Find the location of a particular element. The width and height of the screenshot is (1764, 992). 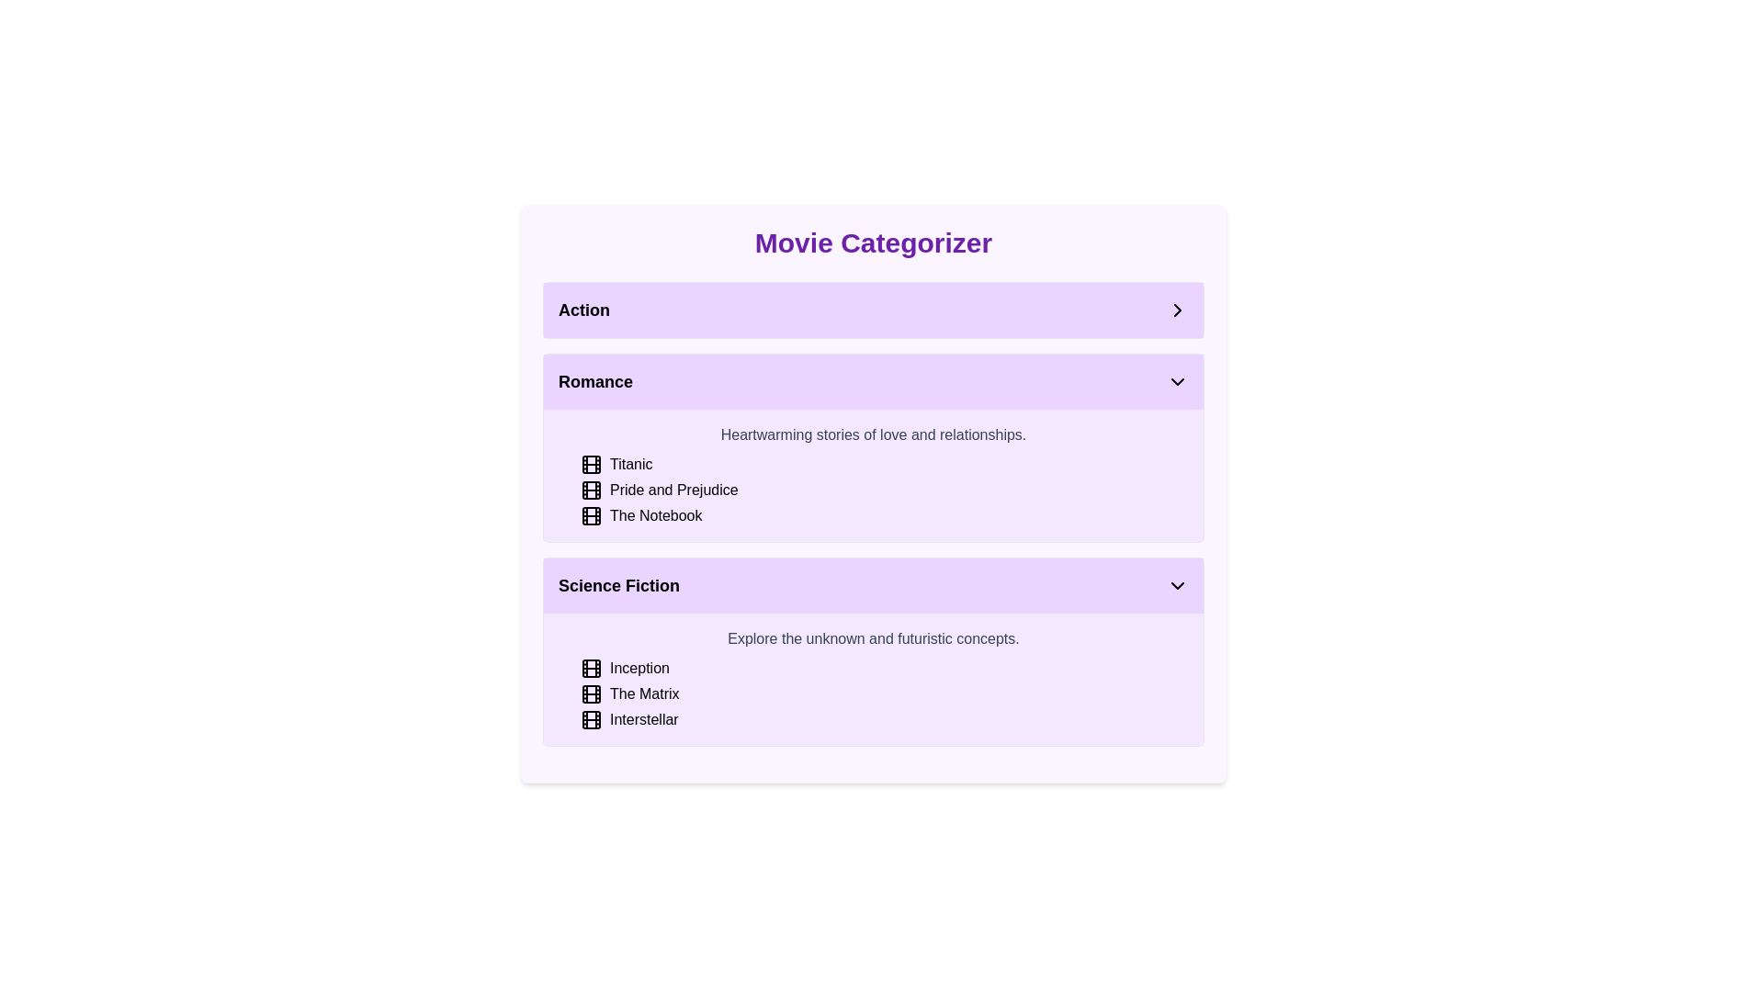

the chevron down icon located at the far right of the 'Science Fiction' header is located at coordinates (1177, 585).